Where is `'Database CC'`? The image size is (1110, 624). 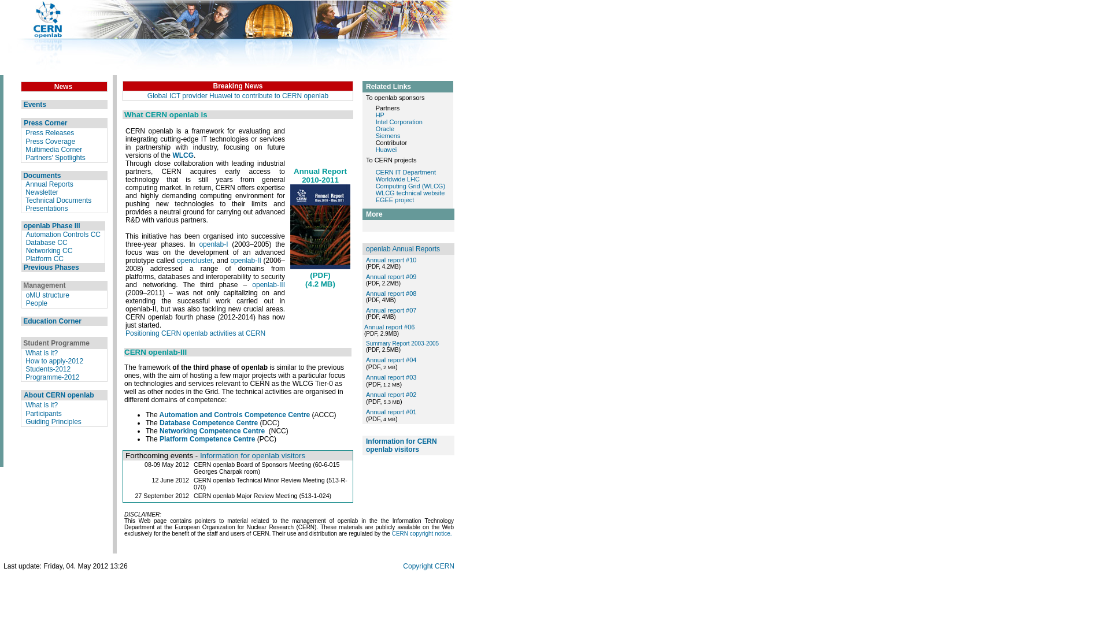 'Database CC' is located at coordinates (46, 242).